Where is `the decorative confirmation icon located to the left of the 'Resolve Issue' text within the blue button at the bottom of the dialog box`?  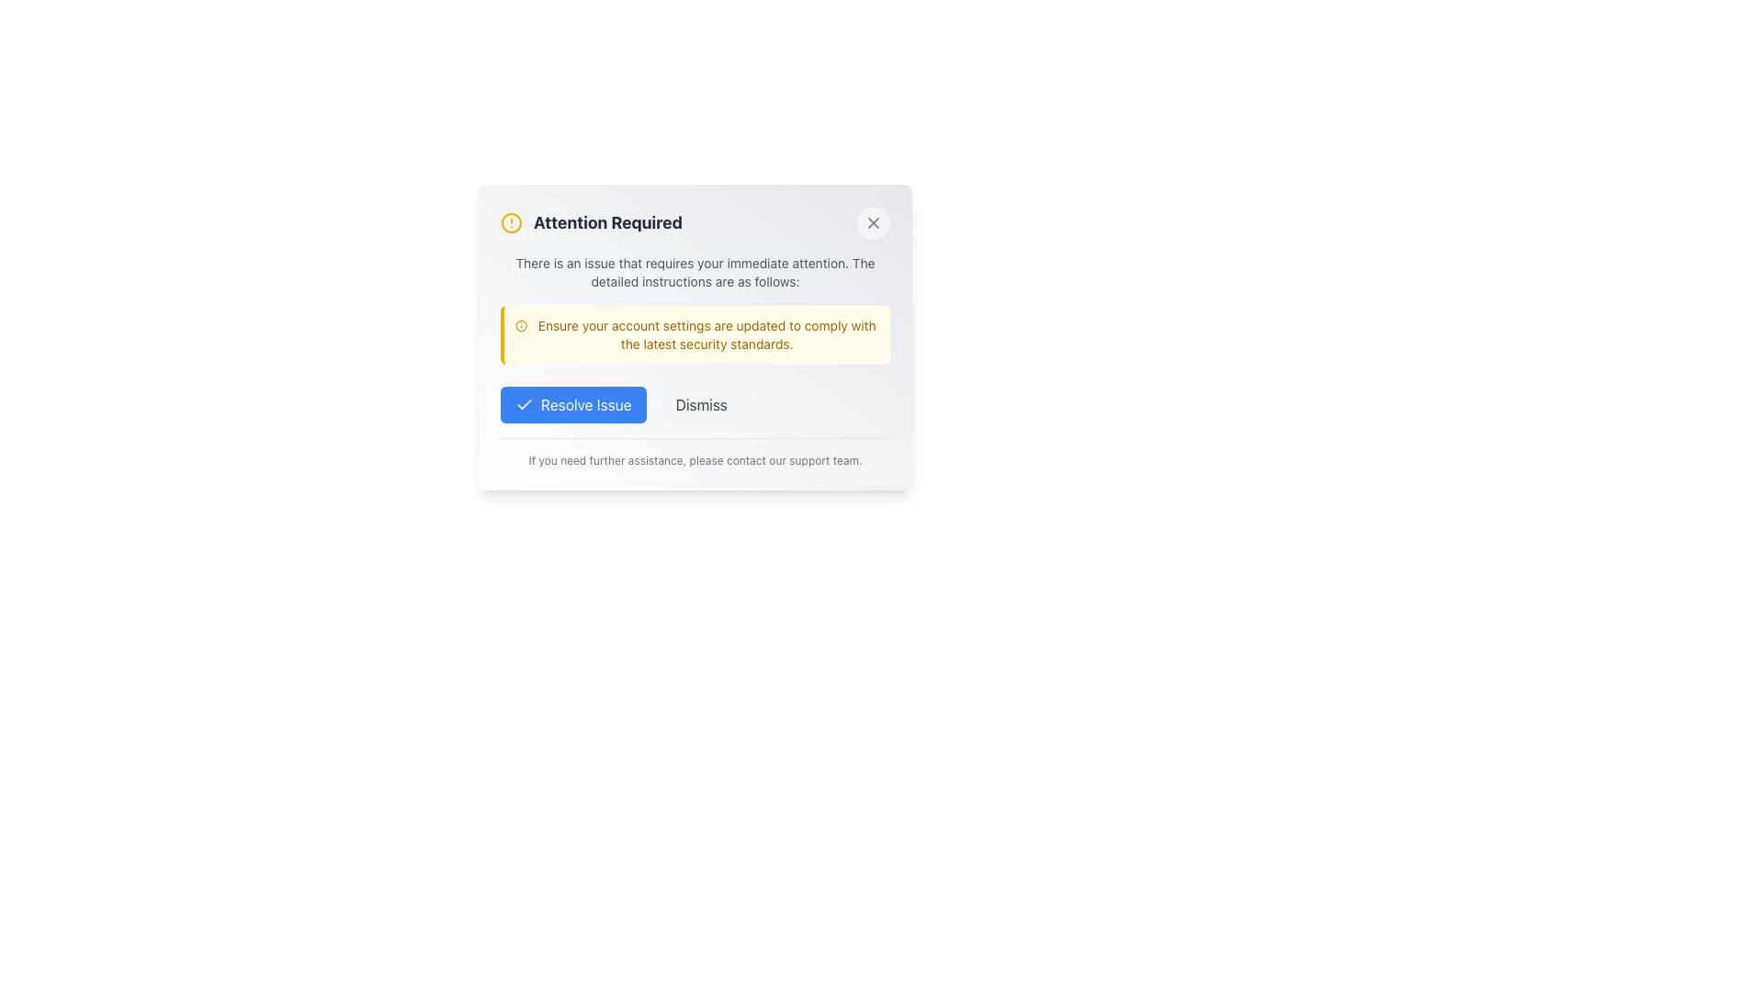 the decorative confirmation icon located to the left of the 'Resolve Issue' text within the blue button at the bottom of the dialog box is located at coordinates (524, 403).